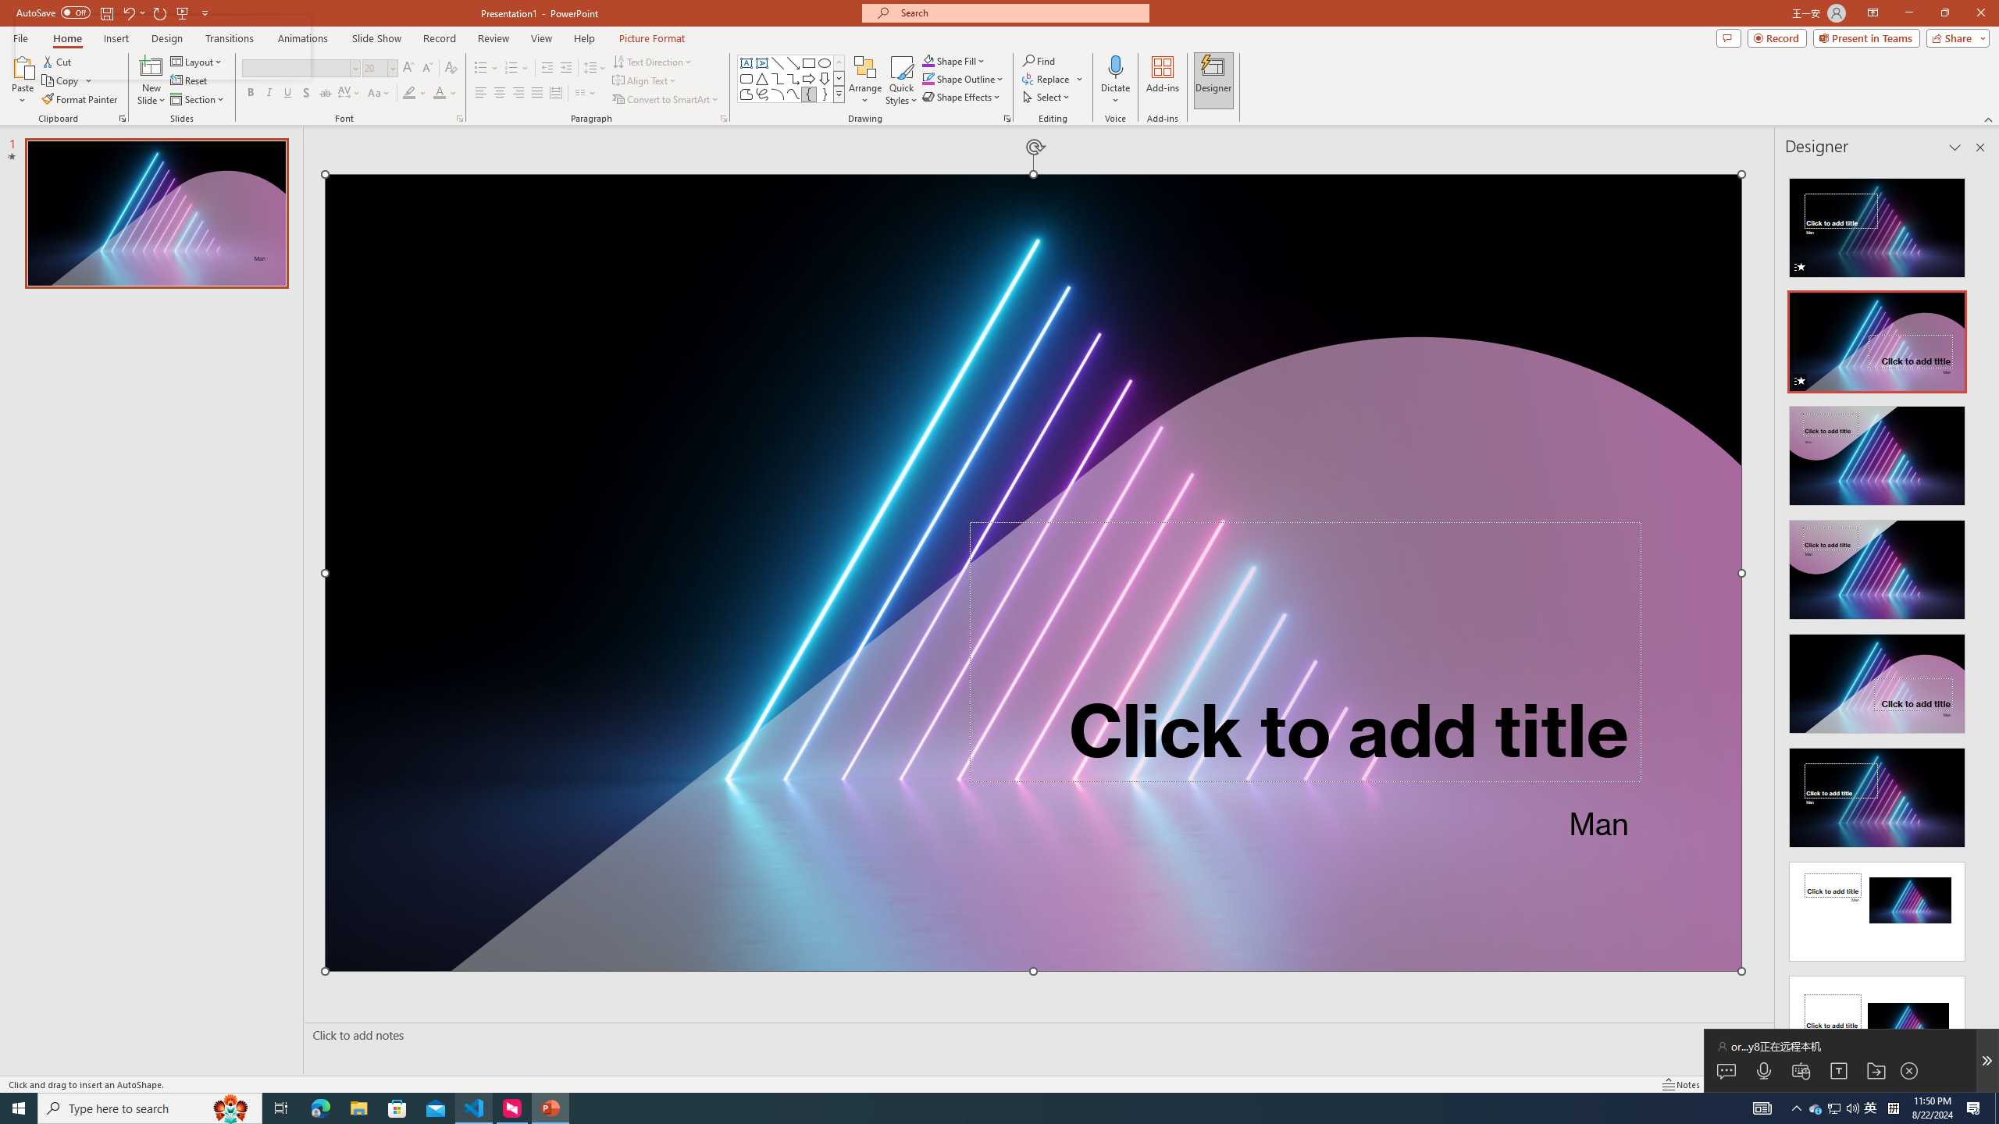  What do you see at coordinates (151, 80) in the screenshot?
I see `'New Slide'` at bounding box center [151, 80].